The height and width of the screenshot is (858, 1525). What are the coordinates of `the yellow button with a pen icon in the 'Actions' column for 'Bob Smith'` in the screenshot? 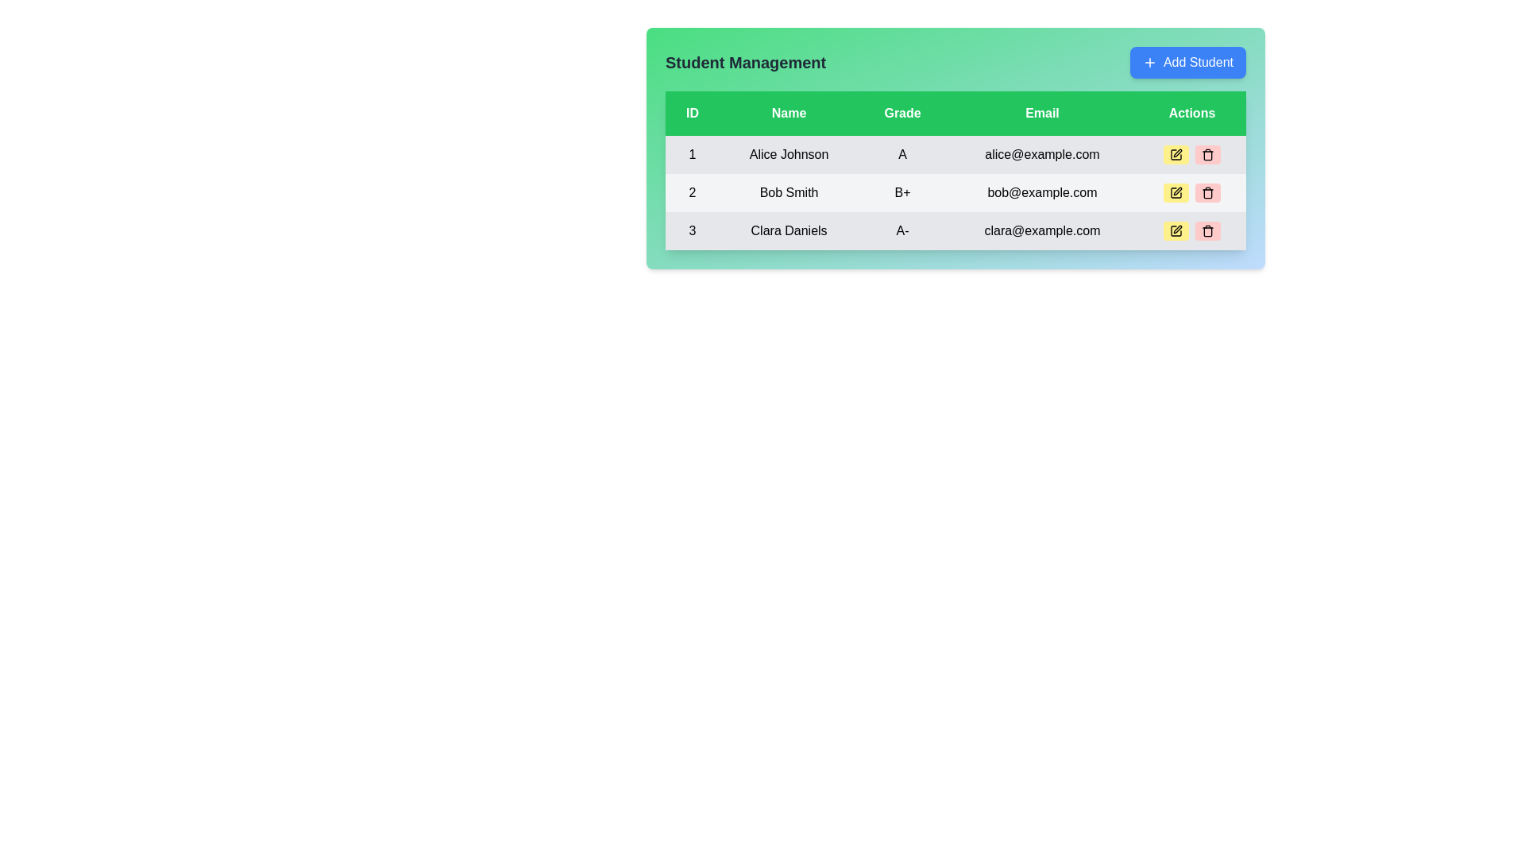 It's located at (1176, 192).